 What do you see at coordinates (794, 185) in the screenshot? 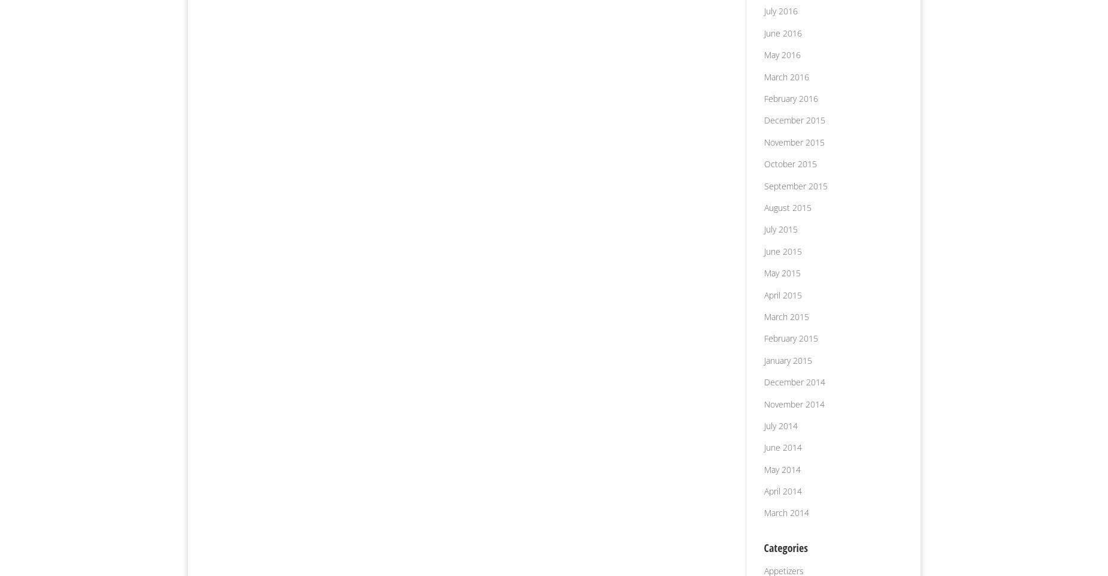
I see `'September 2015'` at bounding box center [794, 185].